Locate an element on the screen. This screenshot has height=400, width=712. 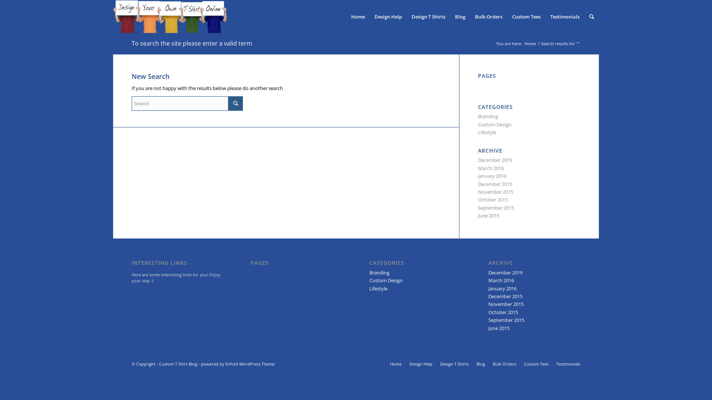
'Lifestyle' is located at coordinates (369, 288).